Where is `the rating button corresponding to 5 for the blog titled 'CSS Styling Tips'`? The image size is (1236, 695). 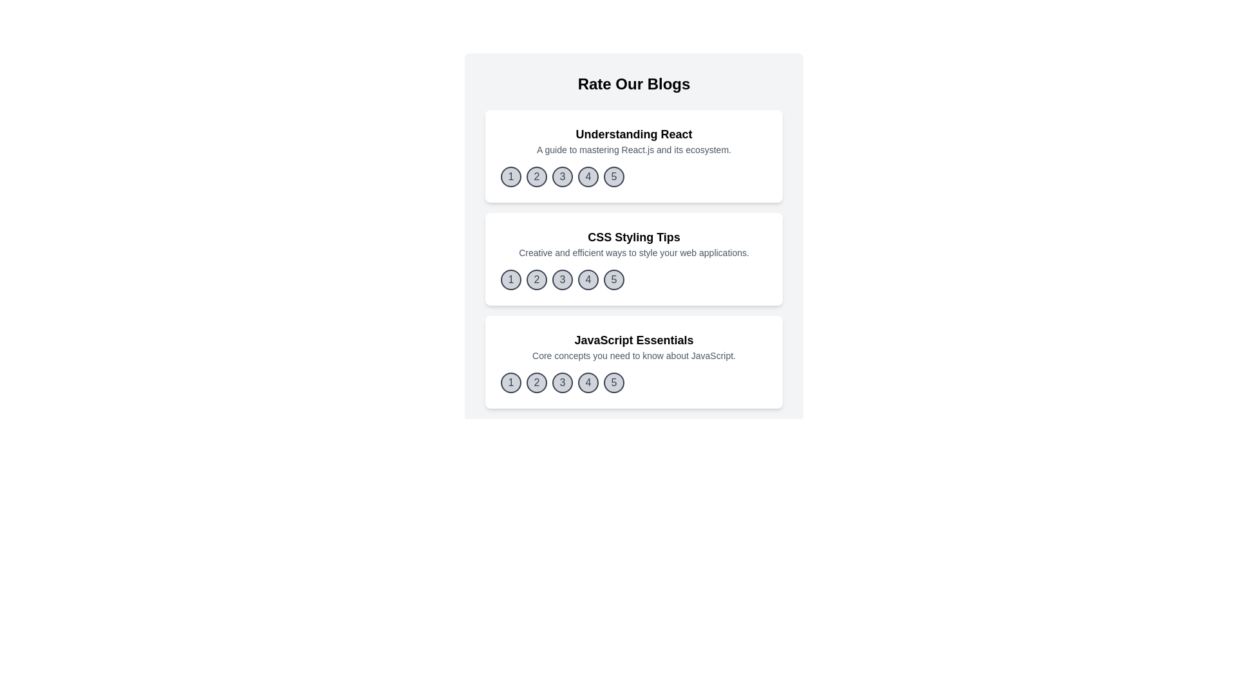 the rating button corresponding to 5 for the blog titled 'CSS Styling Tips' is located at coordinates (613, 279).